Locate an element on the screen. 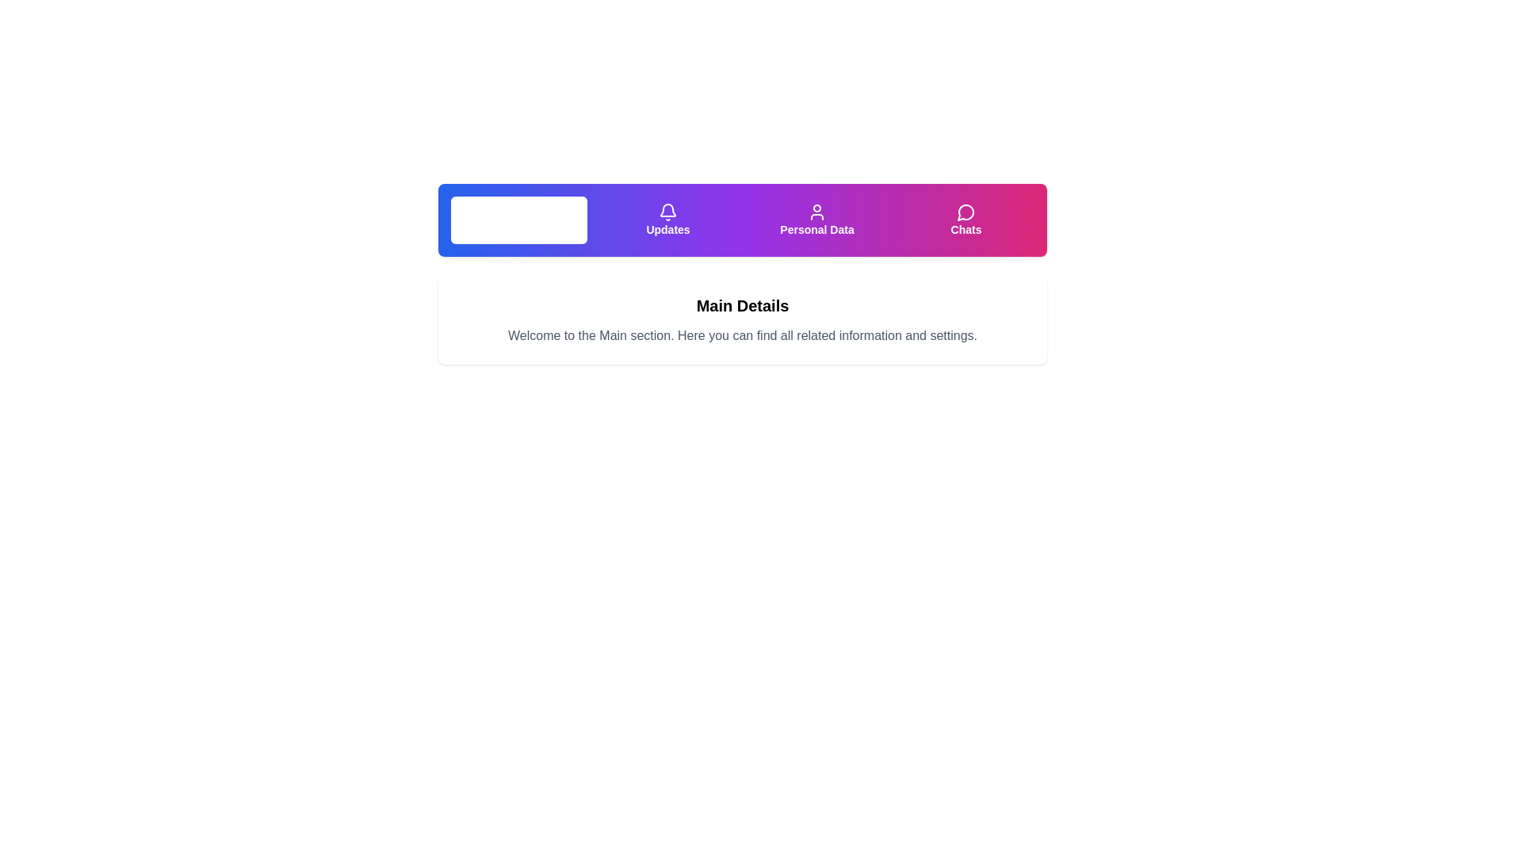 The width and height of the screenshot is (1522, 856). the text label located under the bell icon in the top navigation bar, which is the second item from the left in the button group is located at coordinates (668, 229).